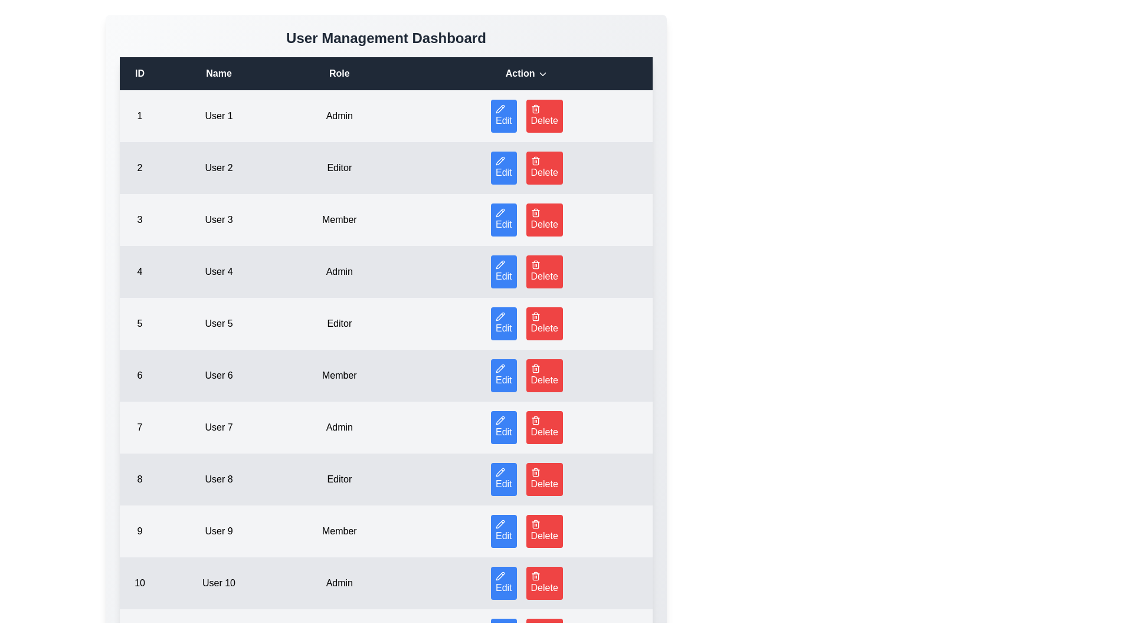 This screenshot has width=1133, height=637. Describe the element at coordinates (526, 73) in the screenshot. I see `the 'Action' column header to sort the table` at that location.